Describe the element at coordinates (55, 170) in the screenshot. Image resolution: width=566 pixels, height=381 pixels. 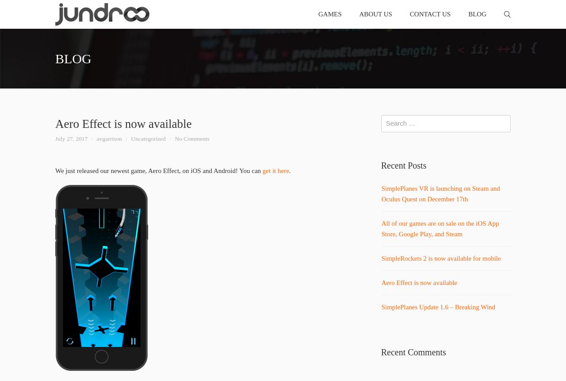
I see `'We just released our newest game, Aero Effect, on iOS and Android! You can'` at that location.